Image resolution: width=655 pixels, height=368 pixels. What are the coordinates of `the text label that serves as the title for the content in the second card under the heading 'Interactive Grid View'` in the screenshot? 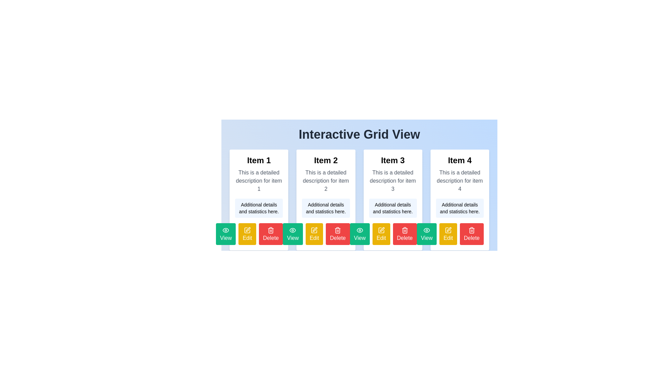 It's located at (325, 160).